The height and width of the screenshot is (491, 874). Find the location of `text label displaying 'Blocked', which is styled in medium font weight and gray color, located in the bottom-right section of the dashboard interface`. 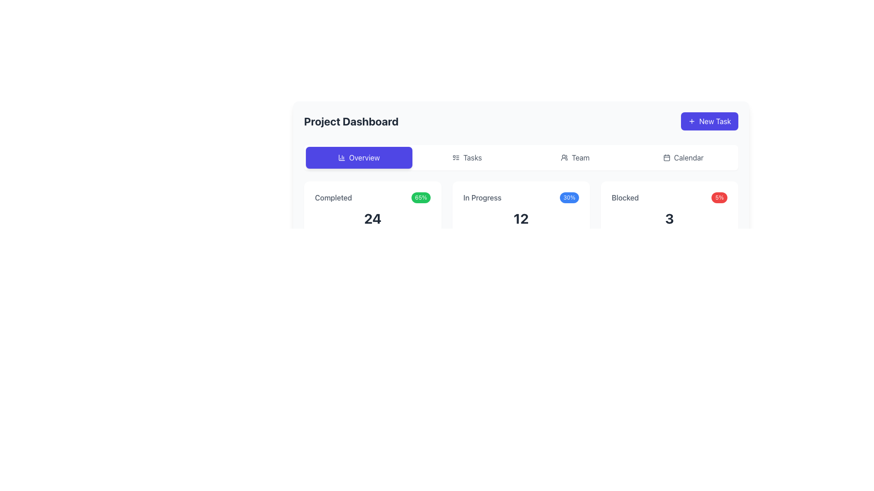

text label displaying 'Blocked', which is styled in medium font weight and gray color, located in the bottom-right section of the dashboard interface is located at coordinates (625, 197).